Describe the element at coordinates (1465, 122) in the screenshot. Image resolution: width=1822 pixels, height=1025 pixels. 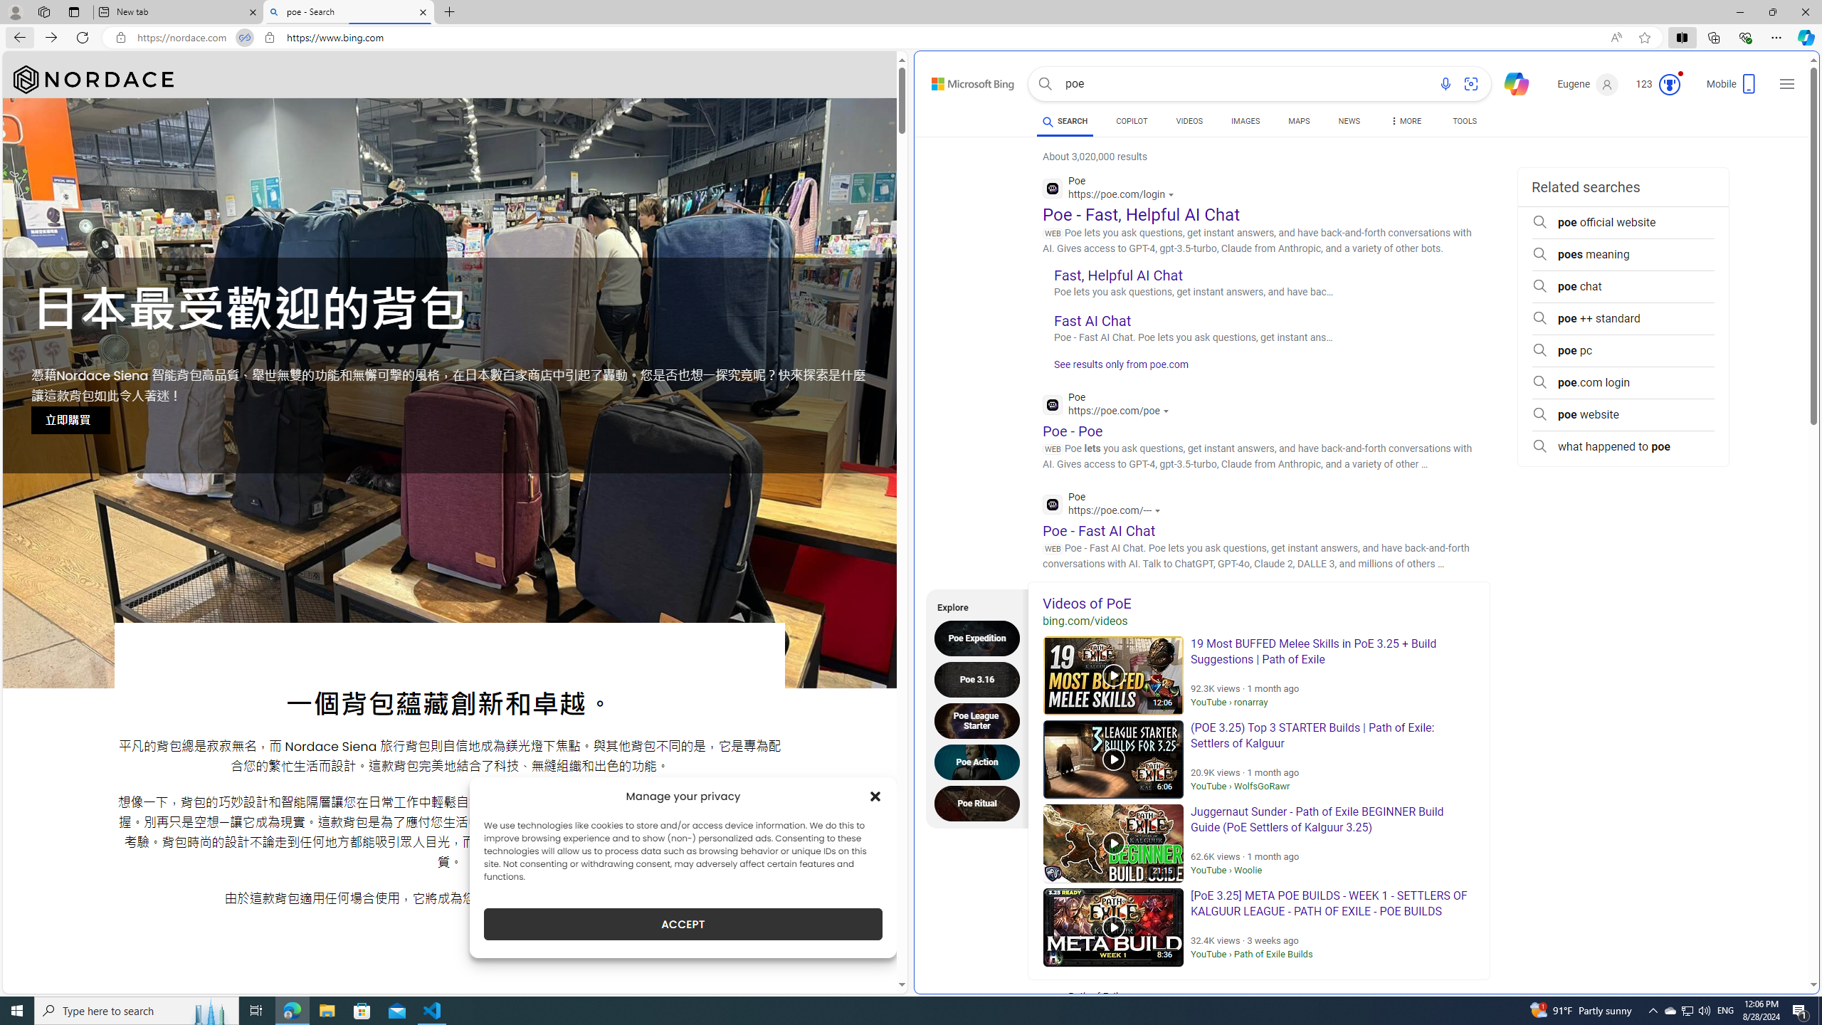
I see `'TOOLS'` at that location.